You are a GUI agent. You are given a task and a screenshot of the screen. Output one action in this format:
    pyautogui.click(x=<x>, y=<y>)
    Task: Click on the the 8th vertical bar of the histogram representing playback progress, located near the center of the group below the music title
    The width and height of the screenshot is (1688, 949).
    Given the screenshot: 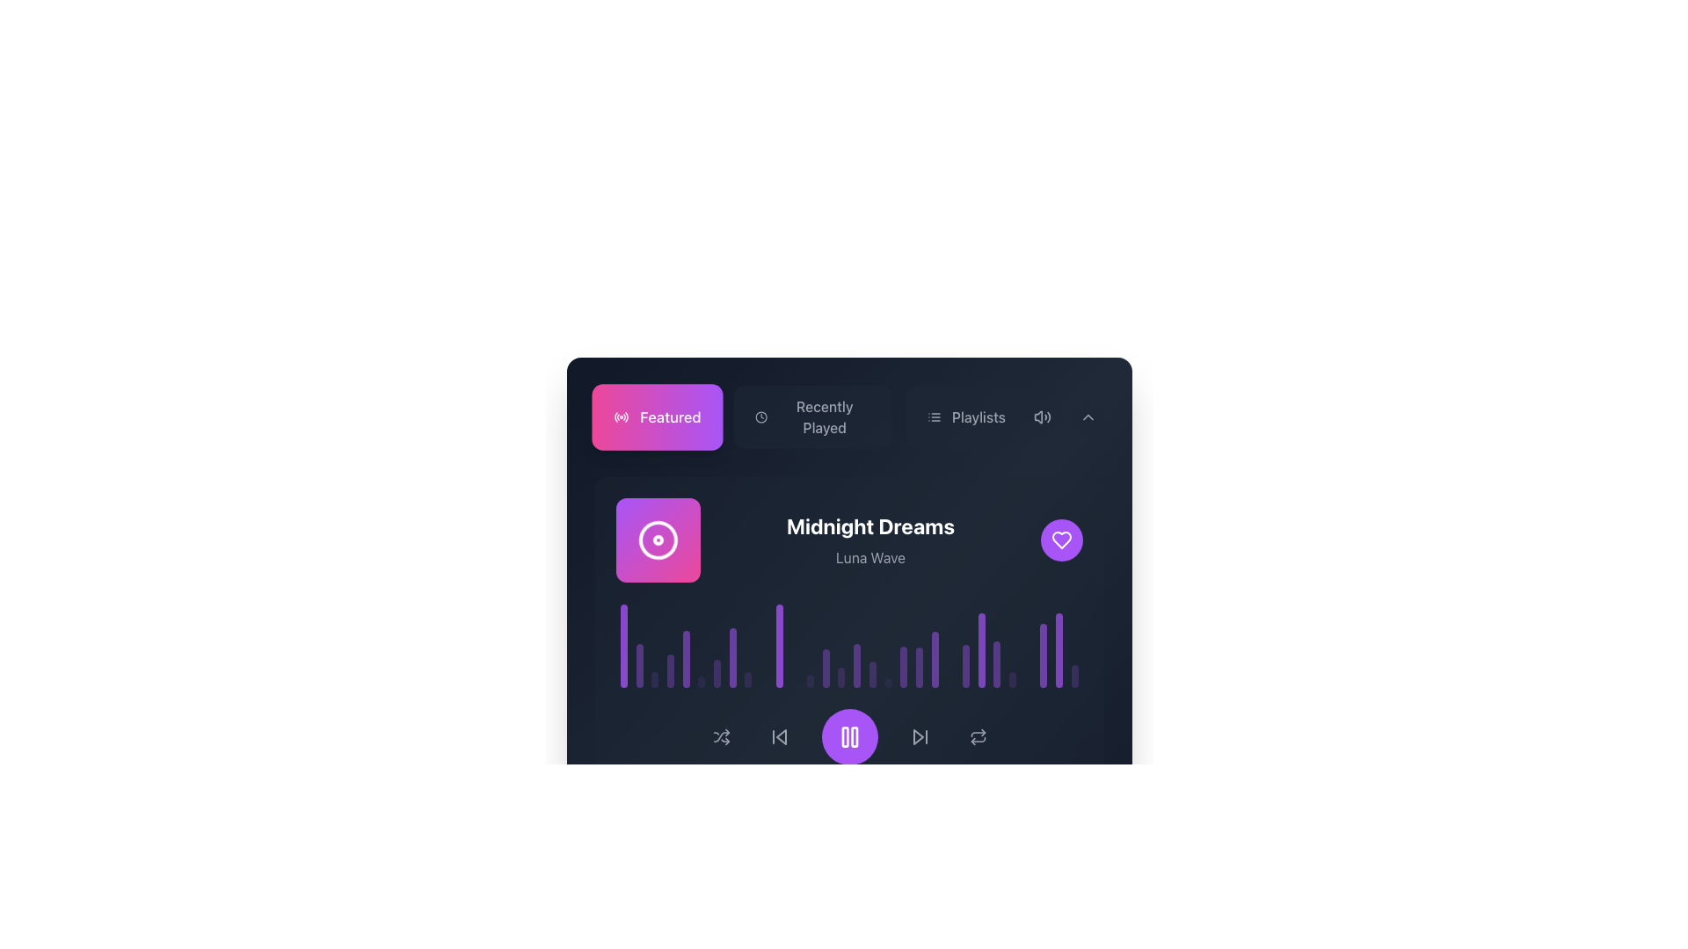 What is the action you would take?
    pyautogui.click(x=732, y=657)
    